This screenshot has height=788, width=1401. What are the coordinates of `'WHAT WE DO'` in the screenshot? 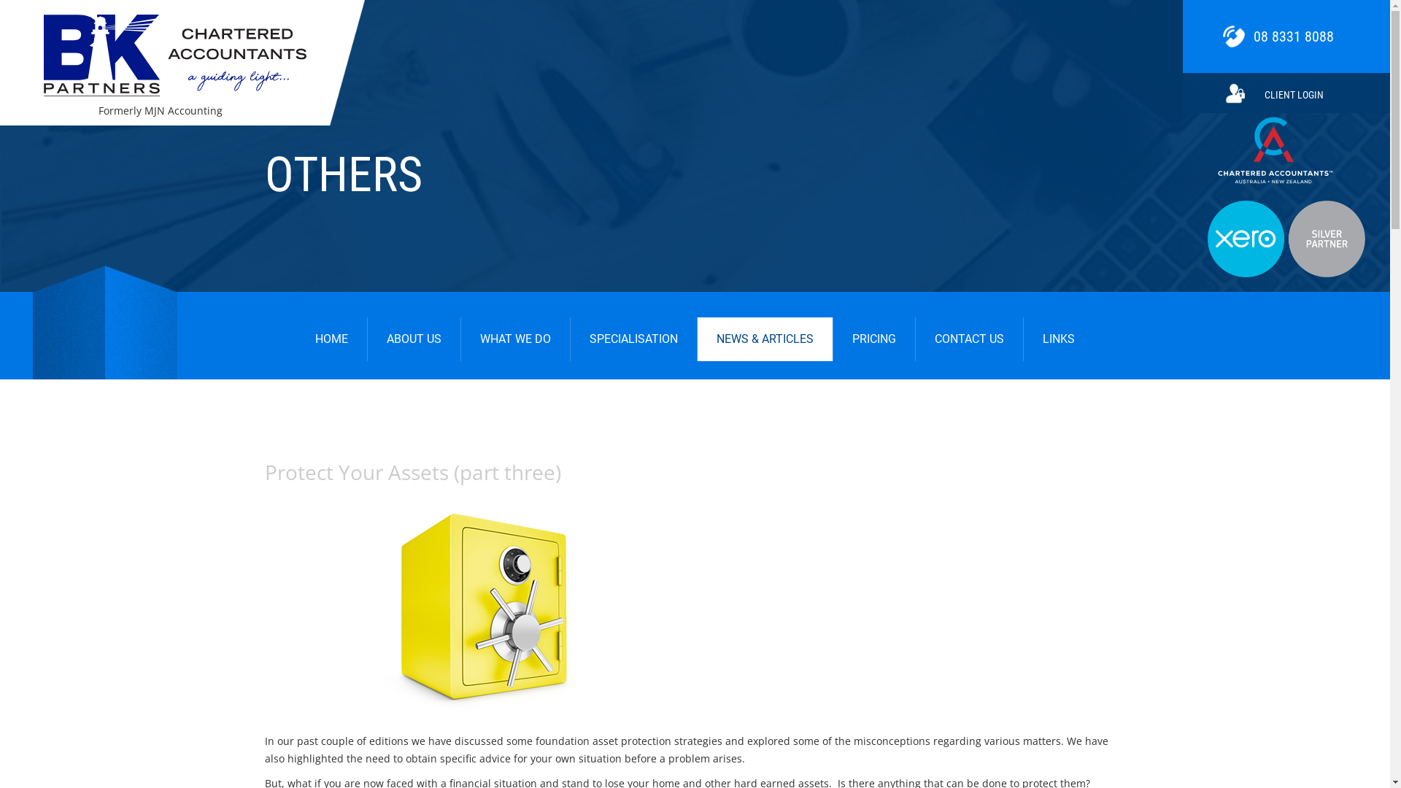 It's located at (515, 339).